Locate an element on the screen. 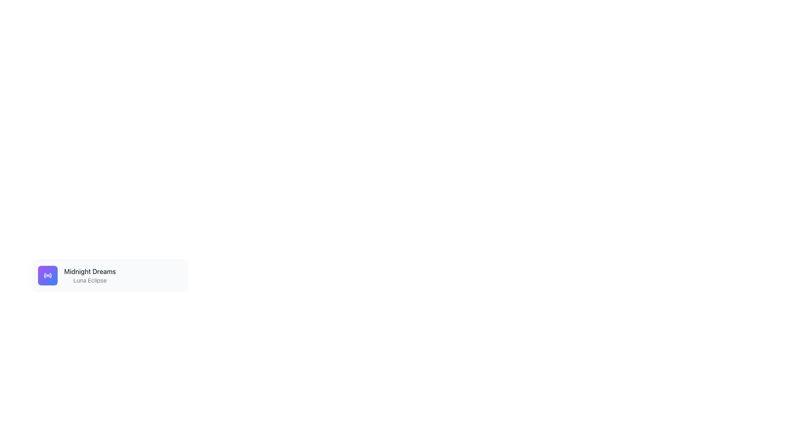 The height and width of the screenshot is (441, 785). the subtitle text display located below 'Midnight Dreams', which serves as additional context for the primary label is located at coordinates (90, 280).